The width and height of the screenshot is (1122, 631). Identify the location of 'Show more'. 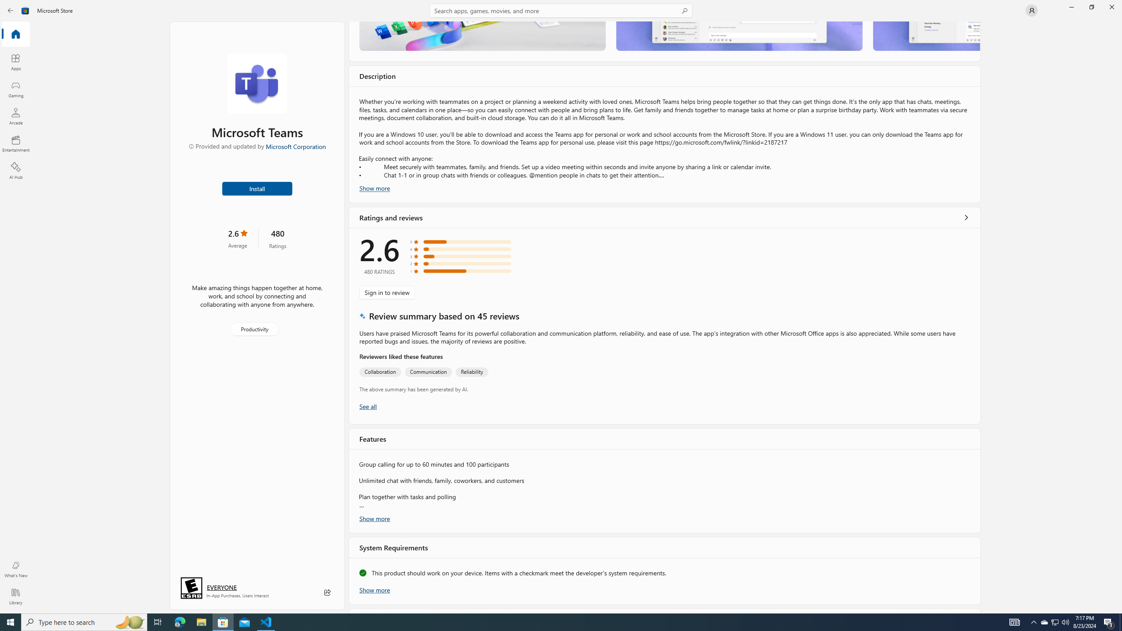
(373, 589).